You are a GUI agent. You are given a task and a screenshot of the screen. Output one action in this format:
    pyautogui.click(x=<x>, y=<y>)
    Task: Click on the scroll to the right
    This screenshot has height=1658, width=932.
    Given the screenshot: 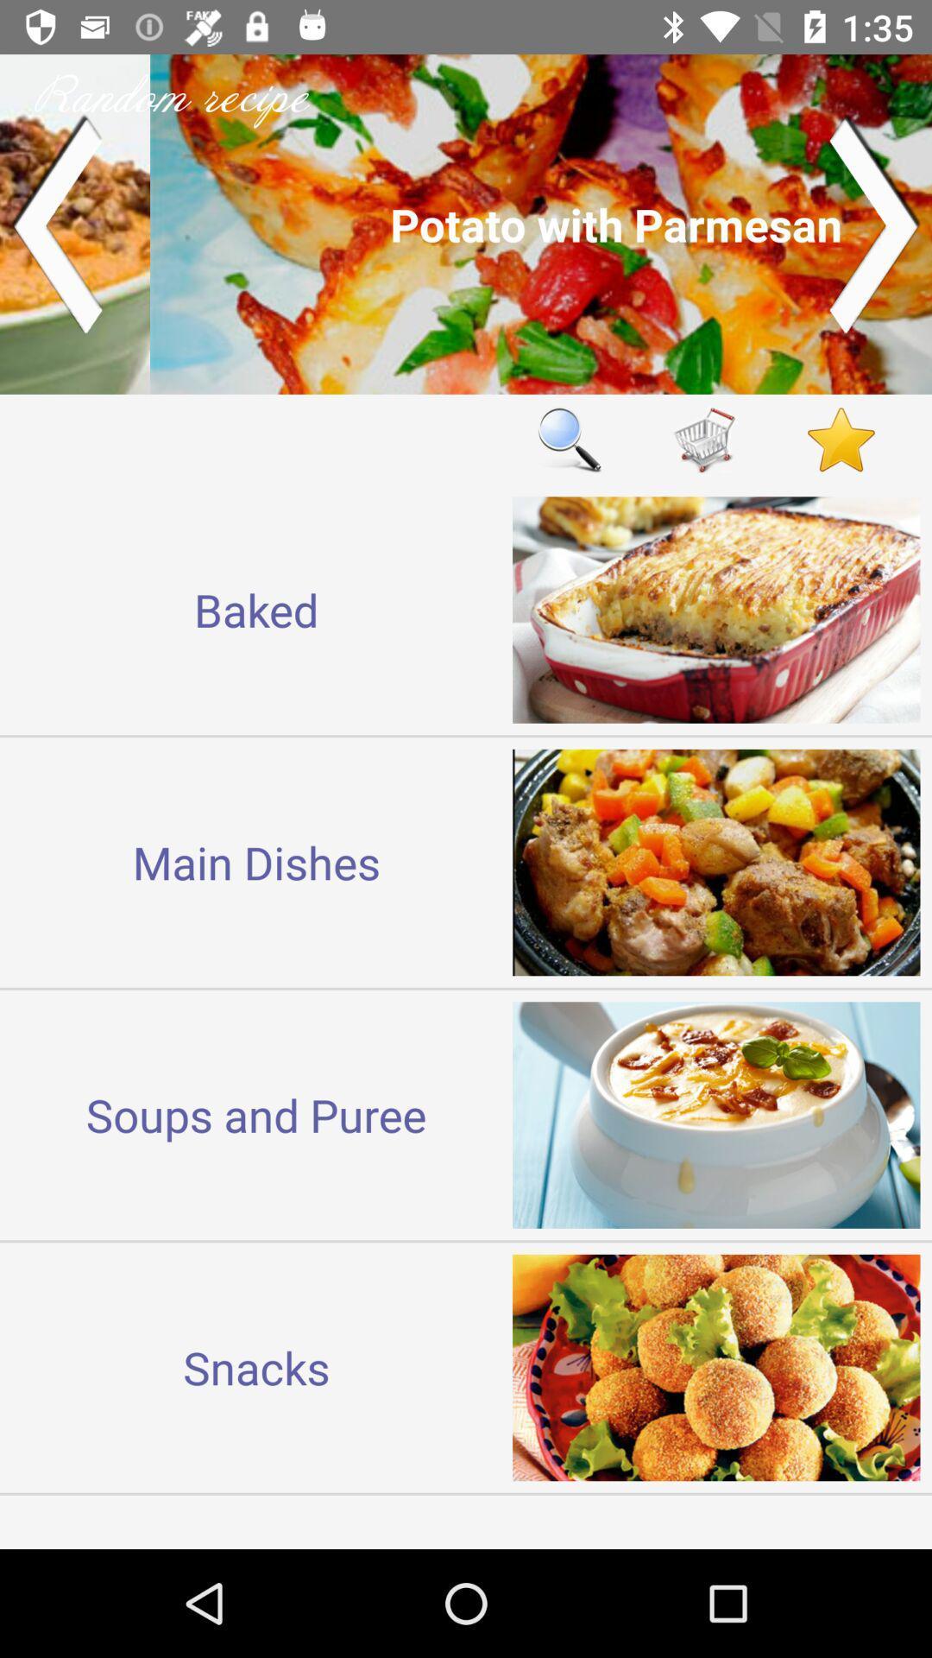 What is the action you would take?
    pyautogui.click(x=875, y=223)
    